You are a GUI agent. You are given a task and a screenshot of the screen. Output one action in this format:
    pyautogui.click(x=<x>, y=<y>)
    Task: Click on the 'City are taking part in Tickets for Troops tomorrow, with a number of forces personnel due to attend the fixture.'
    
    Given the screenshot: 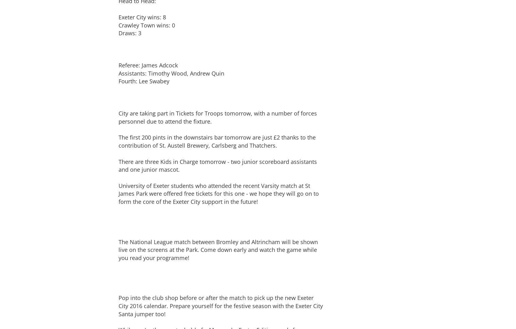 What is the action you would take?
    pyautogui.click(x=217, y=117)
    